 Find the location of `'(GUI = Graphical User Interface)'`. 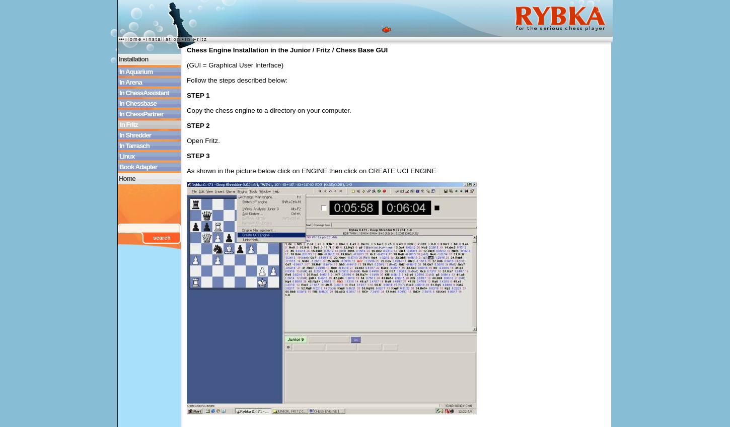

'(GUI = Graphical User Interface)' is located at coordinates (234, 64).